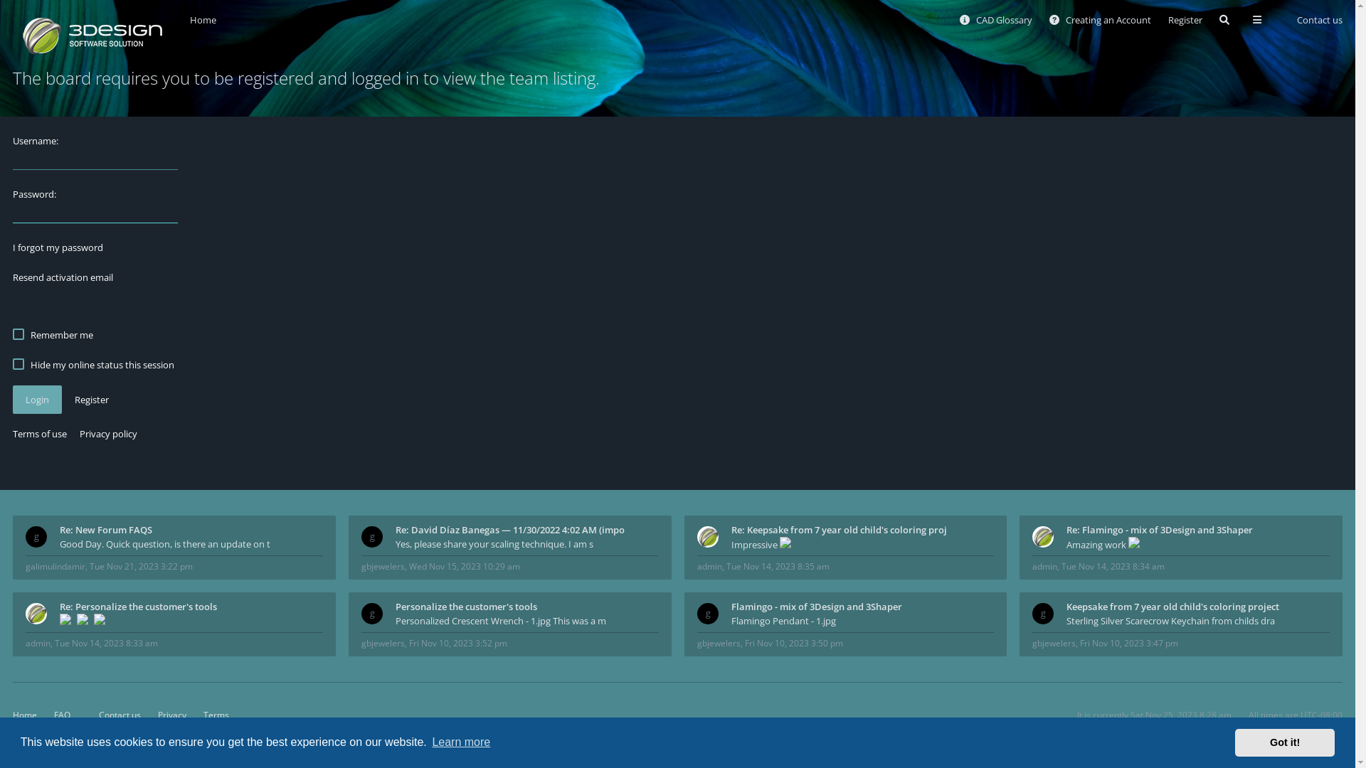 Image resolution: width=1366 pixels, height=768 pixels. I want to click on 'Login', so click(13, 400).